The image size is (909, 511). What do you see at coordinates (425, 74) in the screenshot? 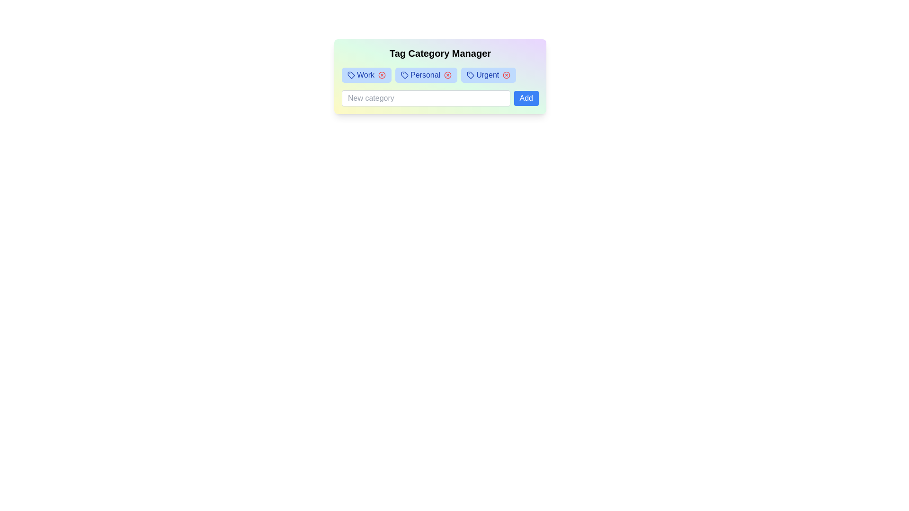
I see `the blue text label 'Personal' which is the second tag in a row of three tags, distinguished by its blue background and central alignment` at bounding box center [425, 74].